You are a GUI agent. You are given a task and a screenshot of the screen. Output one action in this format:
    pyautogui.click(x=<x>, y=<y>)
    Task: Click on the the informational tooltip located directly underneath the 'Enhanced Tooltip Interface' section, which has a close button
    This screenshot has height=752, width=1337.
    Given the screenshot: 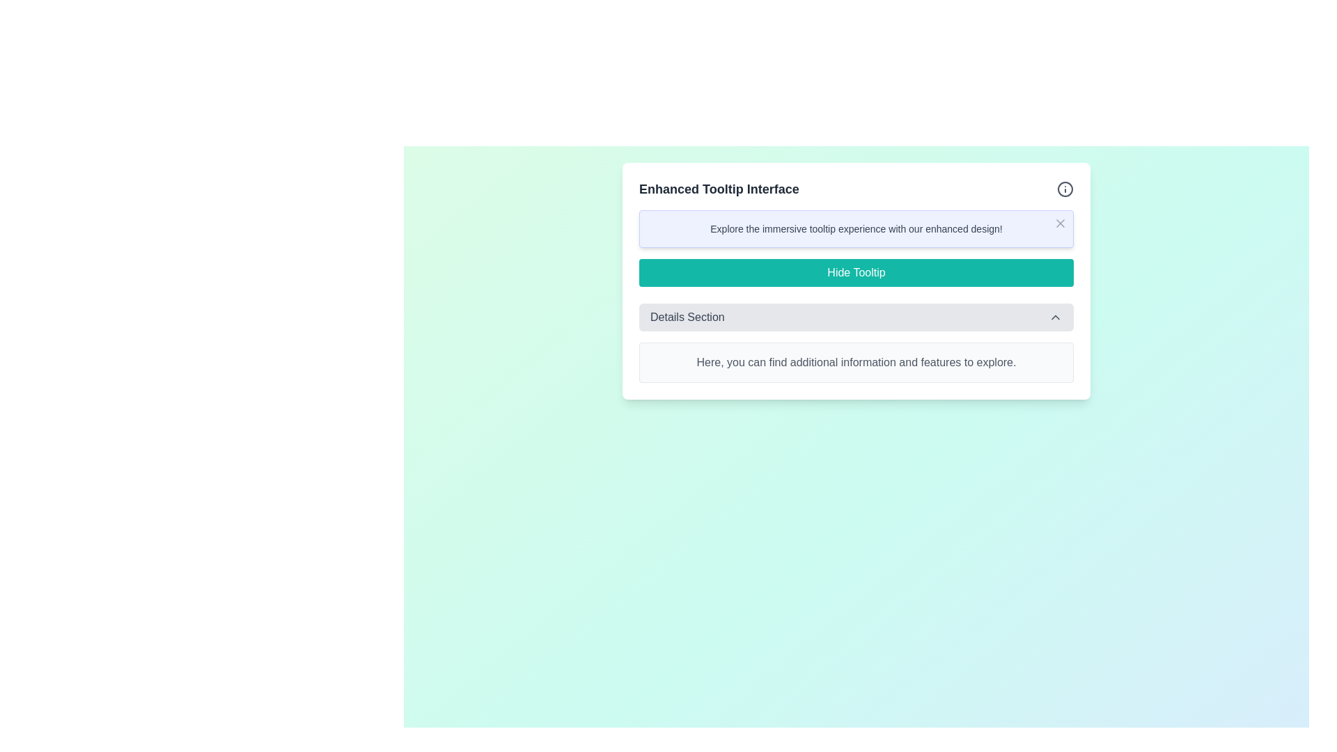 What is the action you would take?
    pyautogui.click(x=855, y=228)
    